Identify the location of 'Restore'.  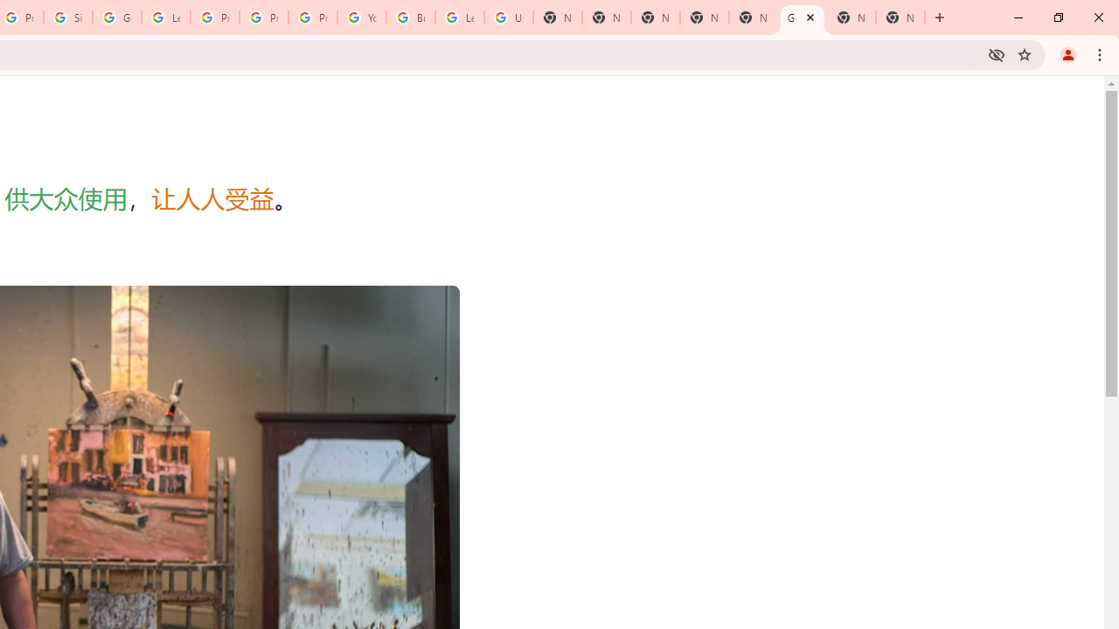
(1057, 17).